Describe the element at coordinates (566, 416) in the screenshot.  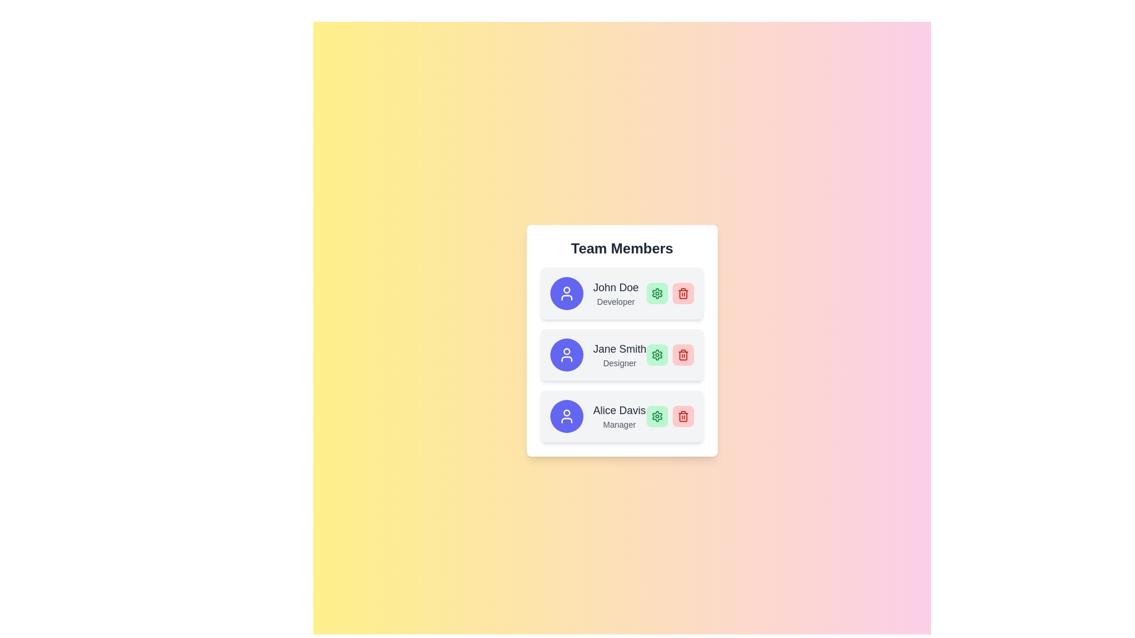
I see `the user icon styled with a rounded design inside a circular blue background, associated with 'Alice Davis Manager' in the third entry of the 'Team Members' list` at that location.